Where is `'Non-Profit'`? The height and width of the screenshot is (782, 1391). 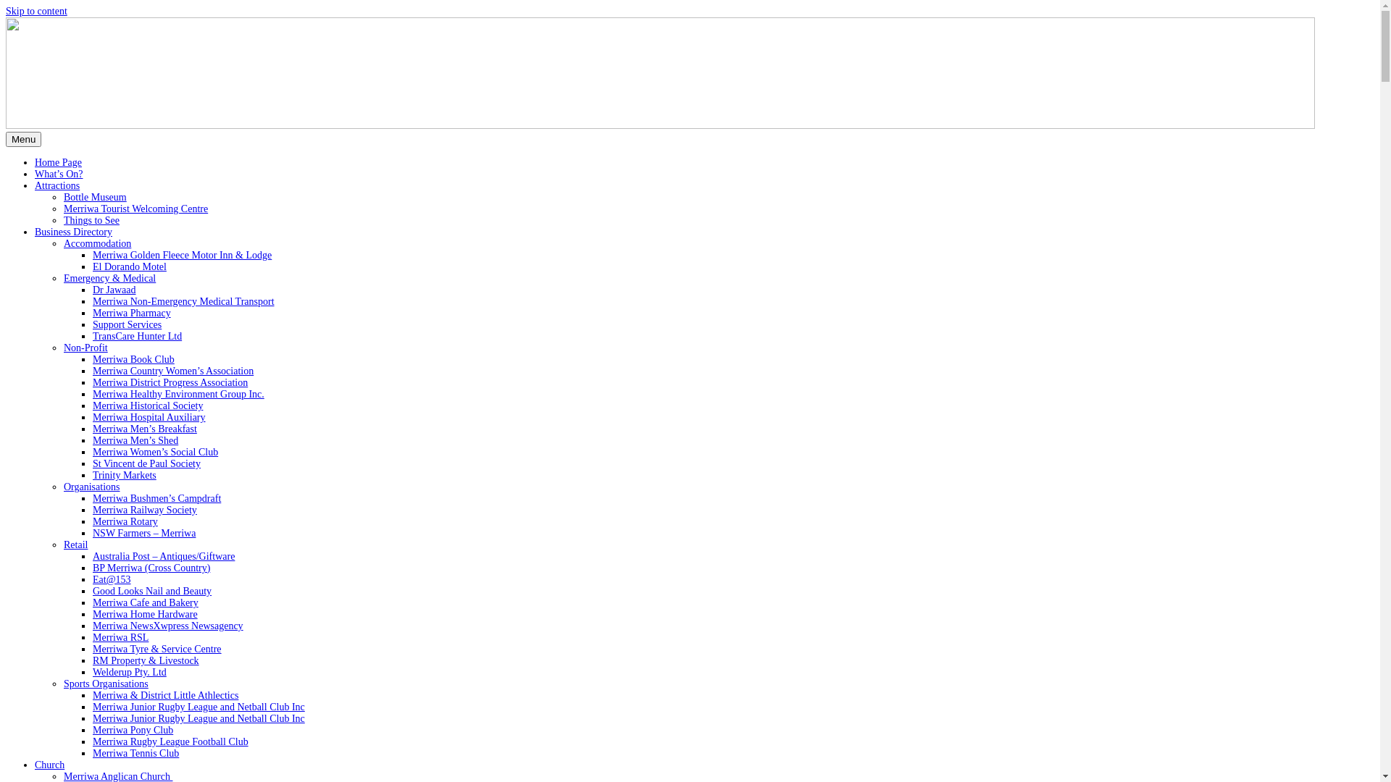 'Non-Profit' is located at coordinates (85, 348).